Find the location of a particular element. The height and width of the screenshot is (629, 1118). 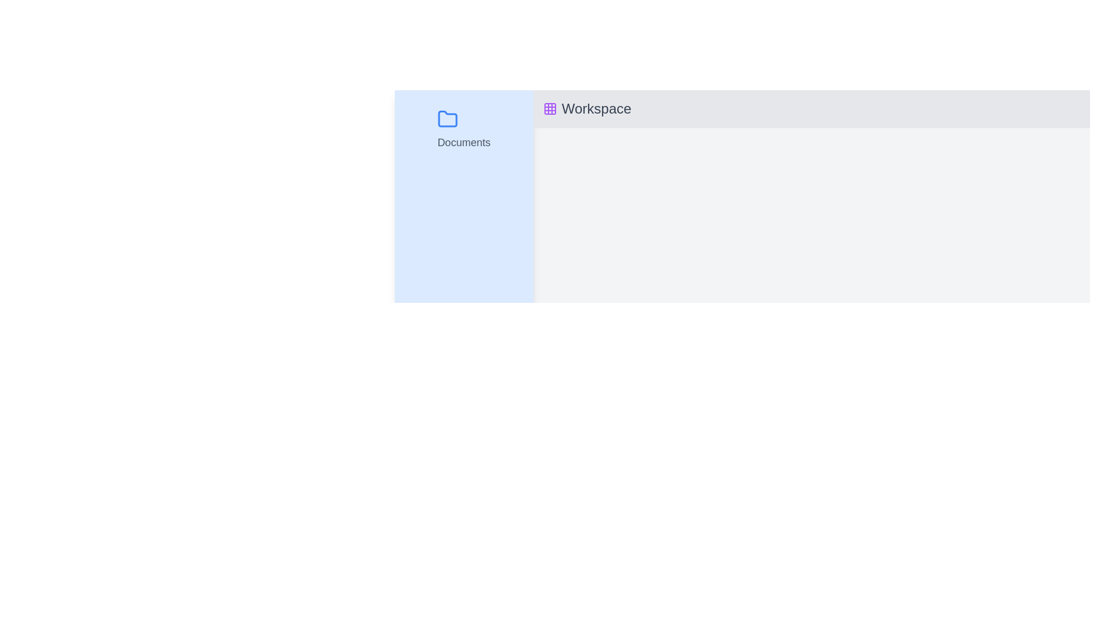

the 'Documents' text label, which is styled in medium gray beneath a blue folder icon is located at coordinates (463, 142).